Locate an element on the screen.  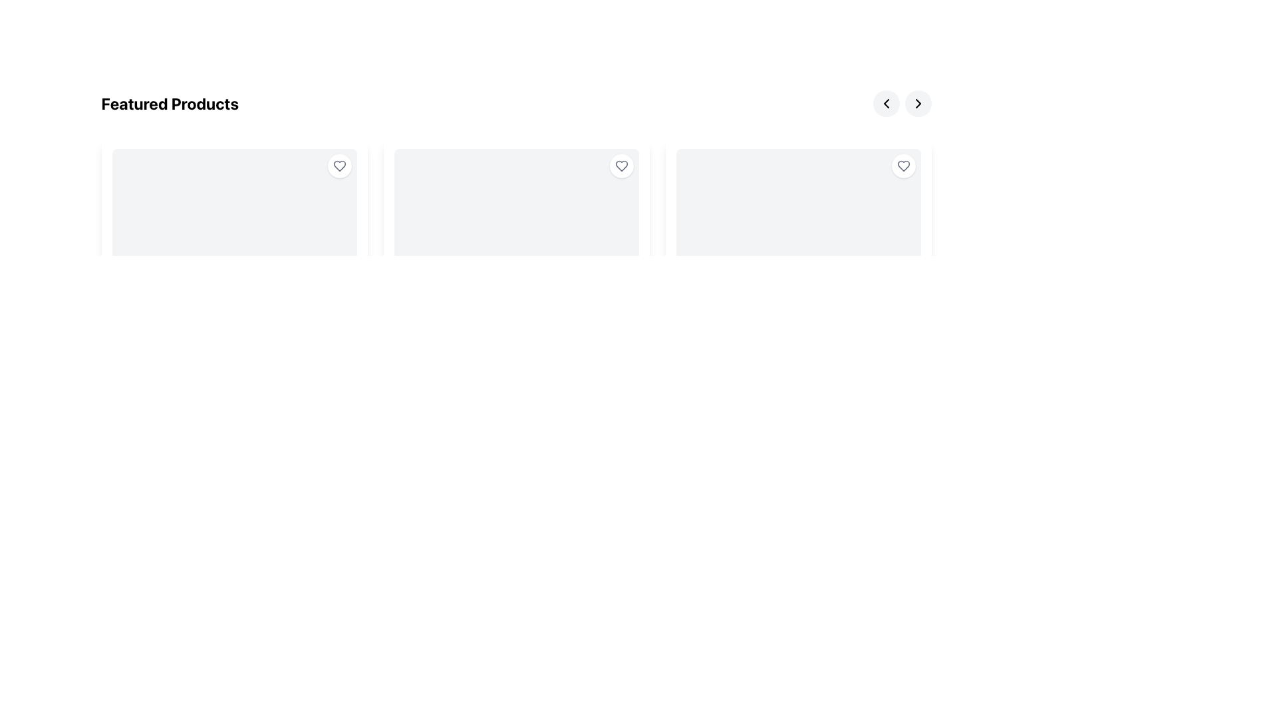
the circular button with a light gray background and a rightward-pointing chevron is located at coordinates (917, 102).